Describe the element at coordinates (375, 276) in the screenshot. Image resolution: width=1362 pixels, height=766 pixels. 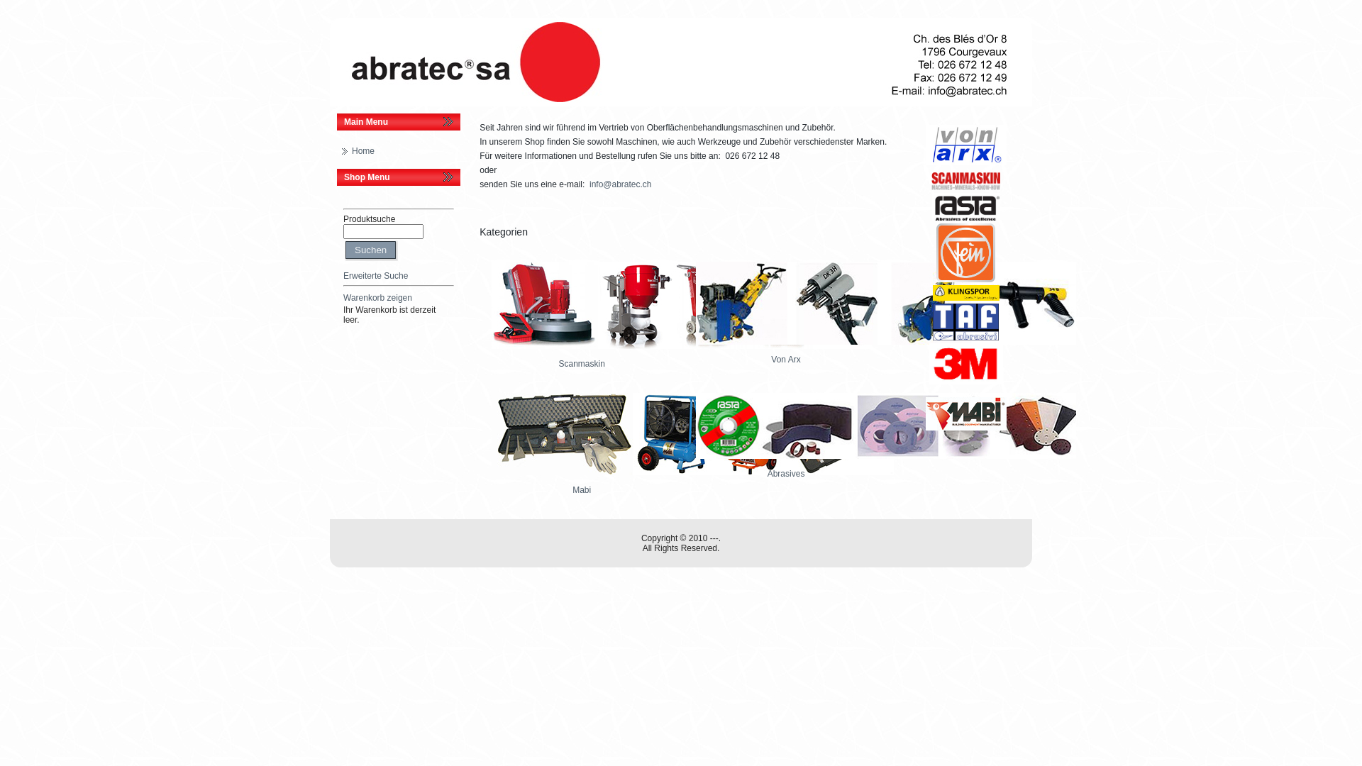
I see `'Erweiterte Suche'` at that location.